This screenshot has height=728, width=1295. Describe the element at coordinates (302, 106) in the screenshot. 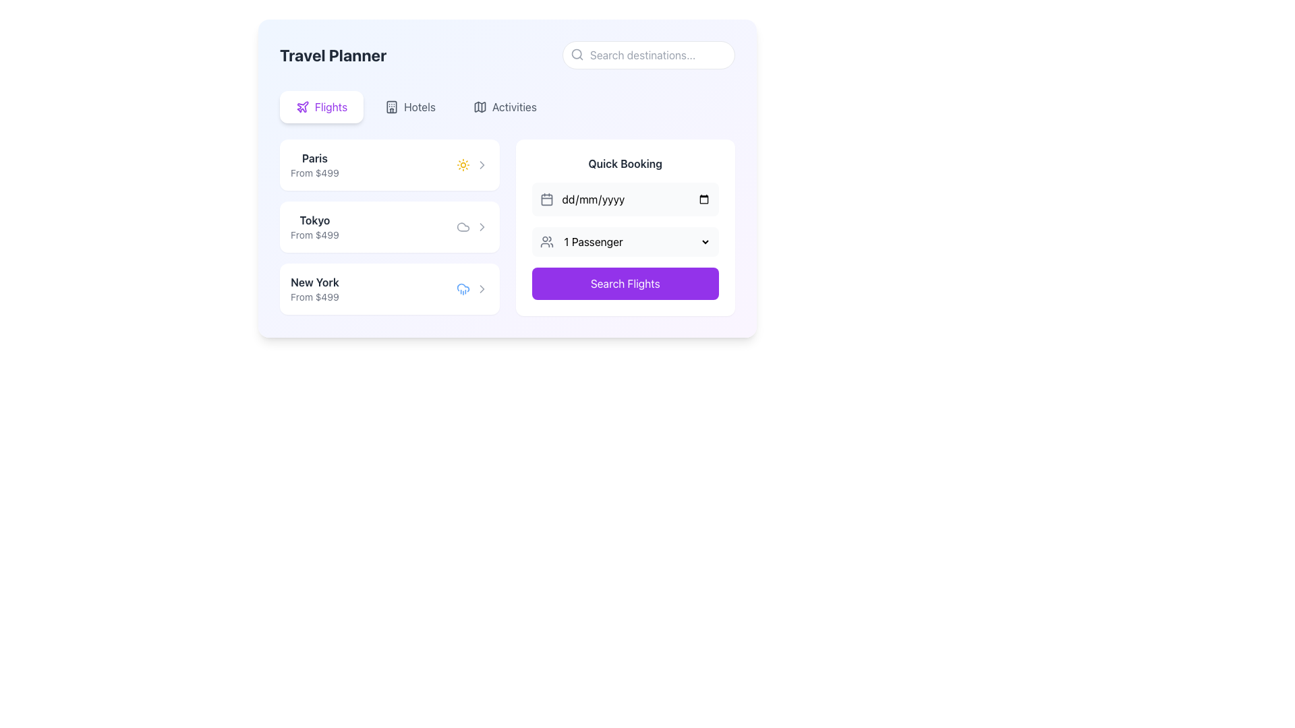

I see `the airplane icon located next to the 'Flights' tab header in the top-left region of the main interface` at that location.